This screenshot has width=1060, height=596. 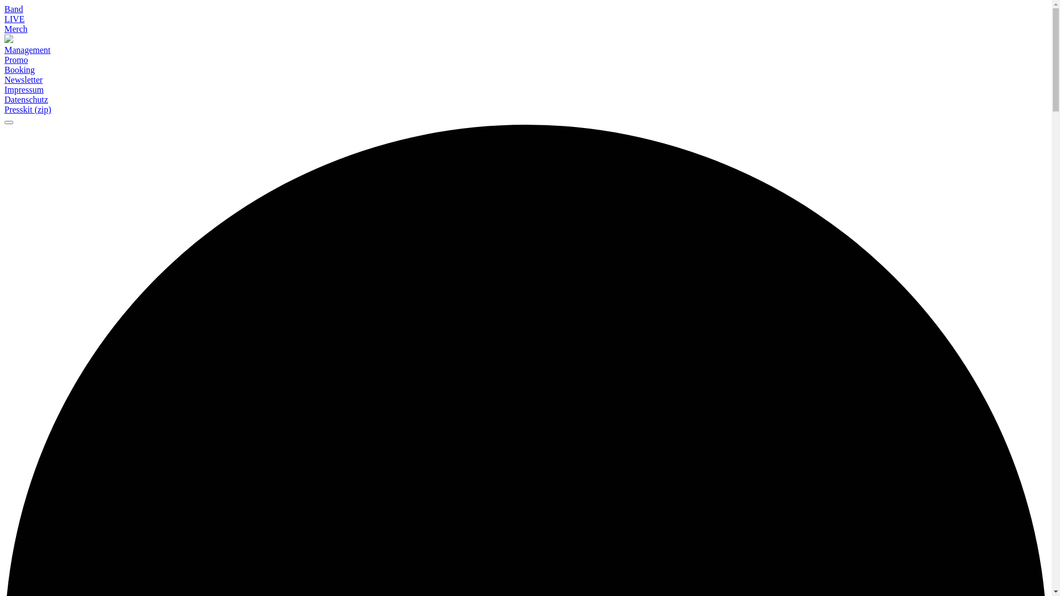 What do you see at coordinates (13, 9) in the screenshot?
I see `'Band'` at bounding box center [13, 9].